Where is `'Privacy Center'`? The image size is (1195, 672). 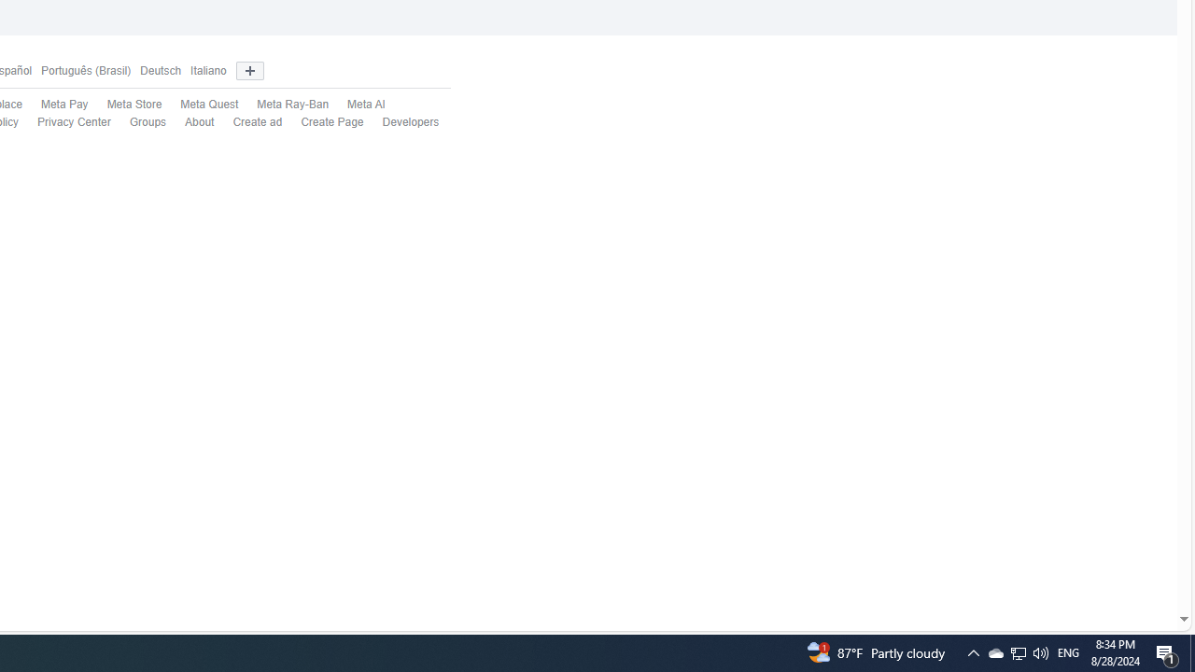 'Privacy Center' is located at coordinates (64, 122).